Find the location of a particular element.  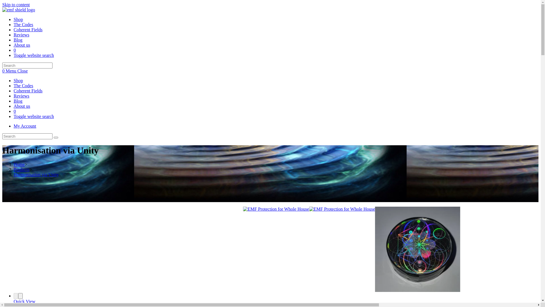

'0' is located at coordinates (15, 50).